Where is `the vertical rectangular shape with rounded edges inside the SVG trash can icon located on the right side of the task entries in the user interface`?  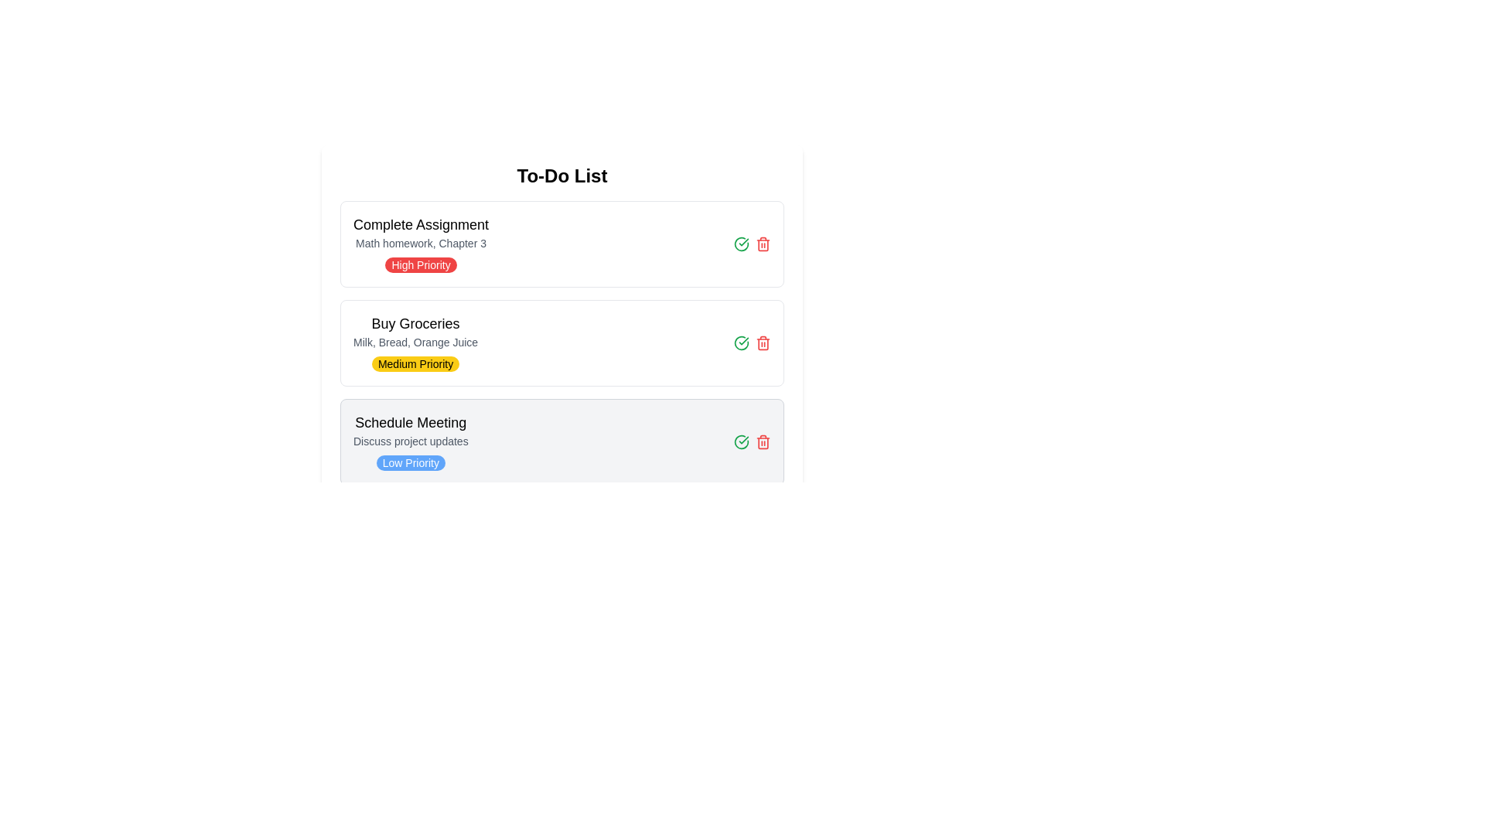
the vertical rectangular shape with rounded edges inside the SVG trash can icon located on the right side of the task entries in the user interface is located at coordinates (763, 443).